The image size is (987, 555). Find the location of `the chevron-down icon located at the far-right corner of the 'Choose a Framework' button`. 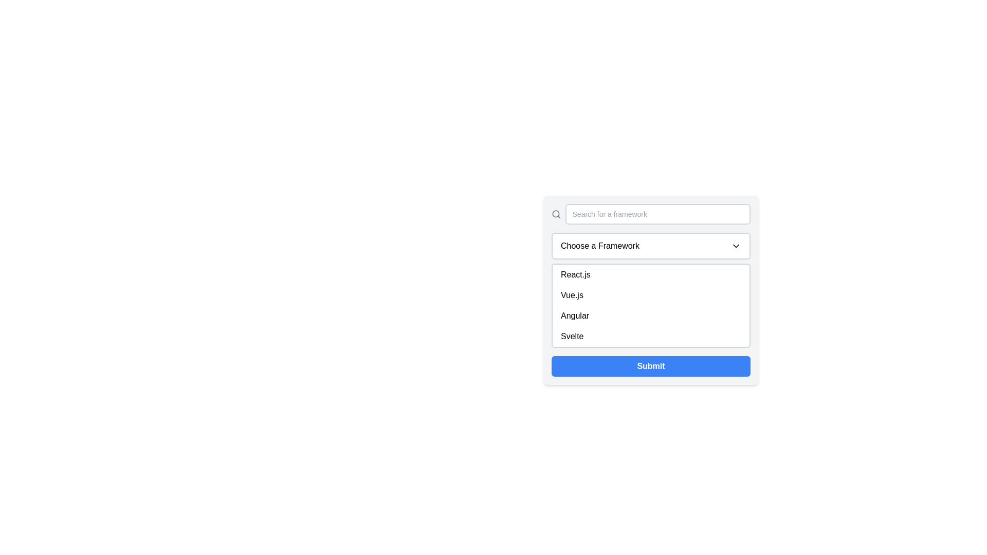

the chevron-down icon located at the far-right corner of the 'Choose a Framework' button is located at coordinates (735, 246).